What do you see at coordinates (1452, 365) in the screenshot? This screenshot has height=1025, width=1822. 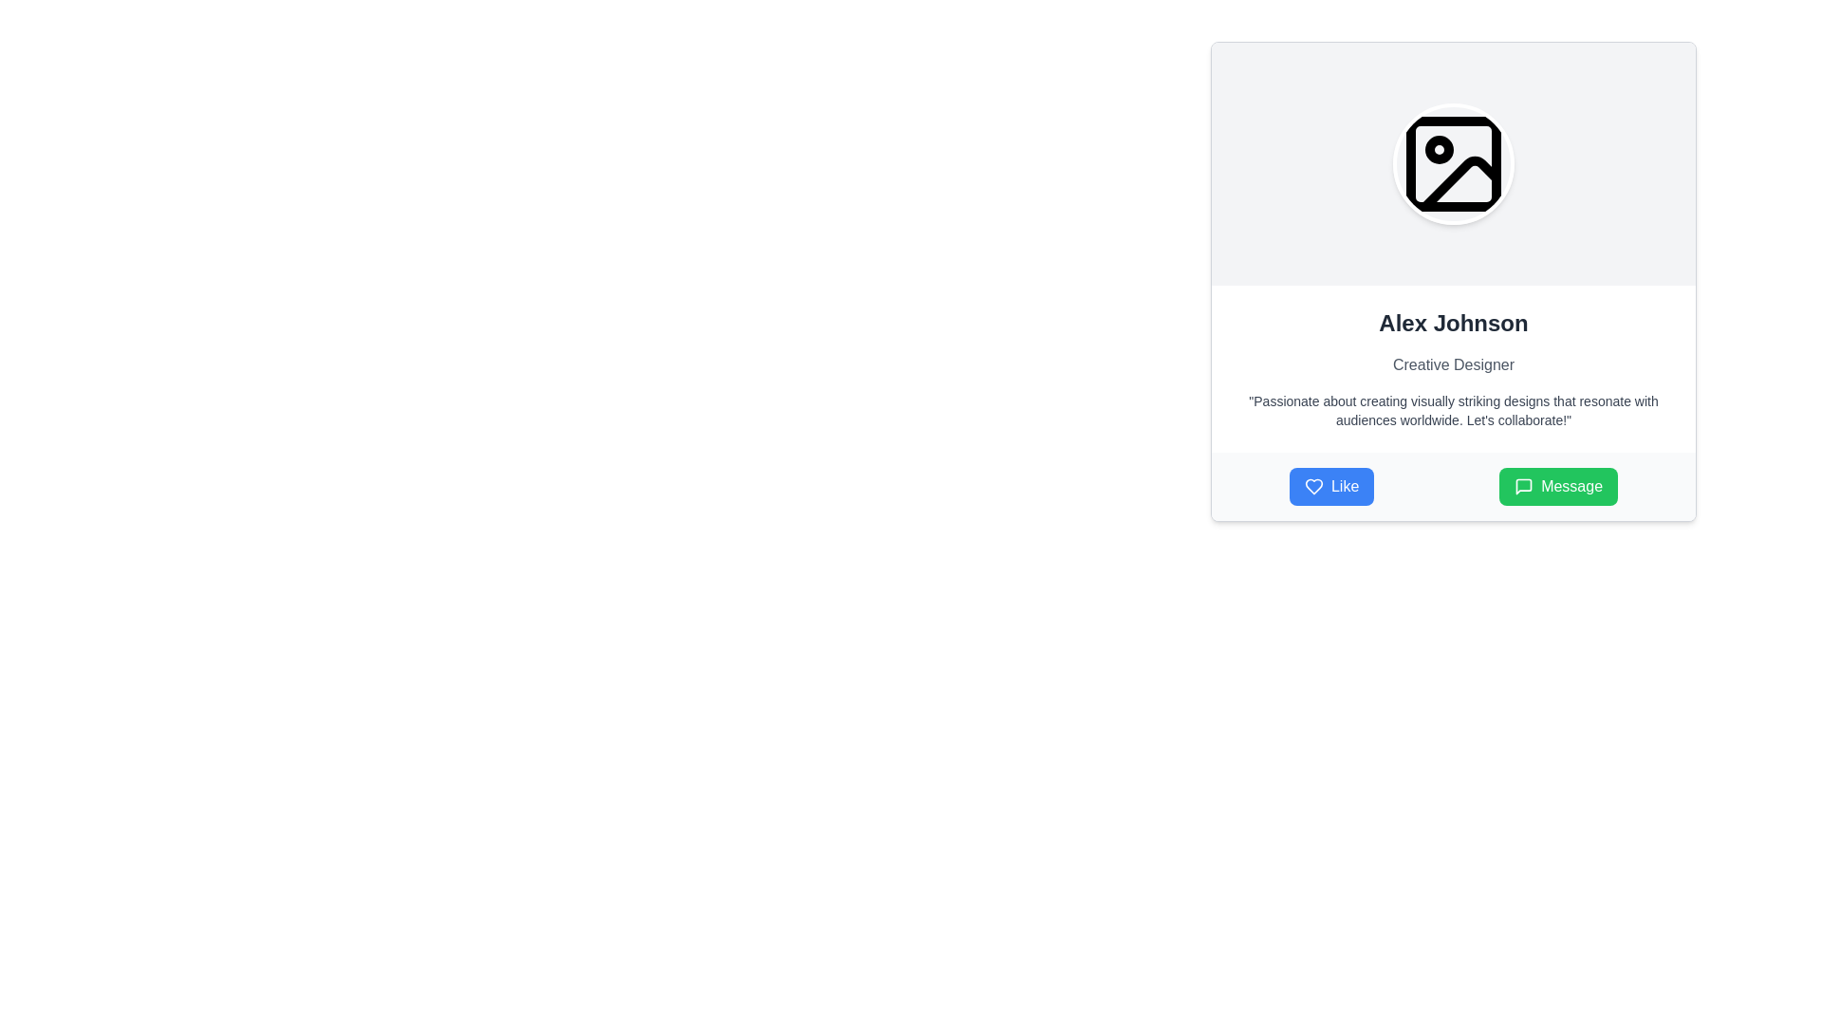 I see `the static text element that identifies the individual as 'Creative Designer', which is positioned below 'Alex Johnson' in the profile card` at bounding box center [1452, 365].